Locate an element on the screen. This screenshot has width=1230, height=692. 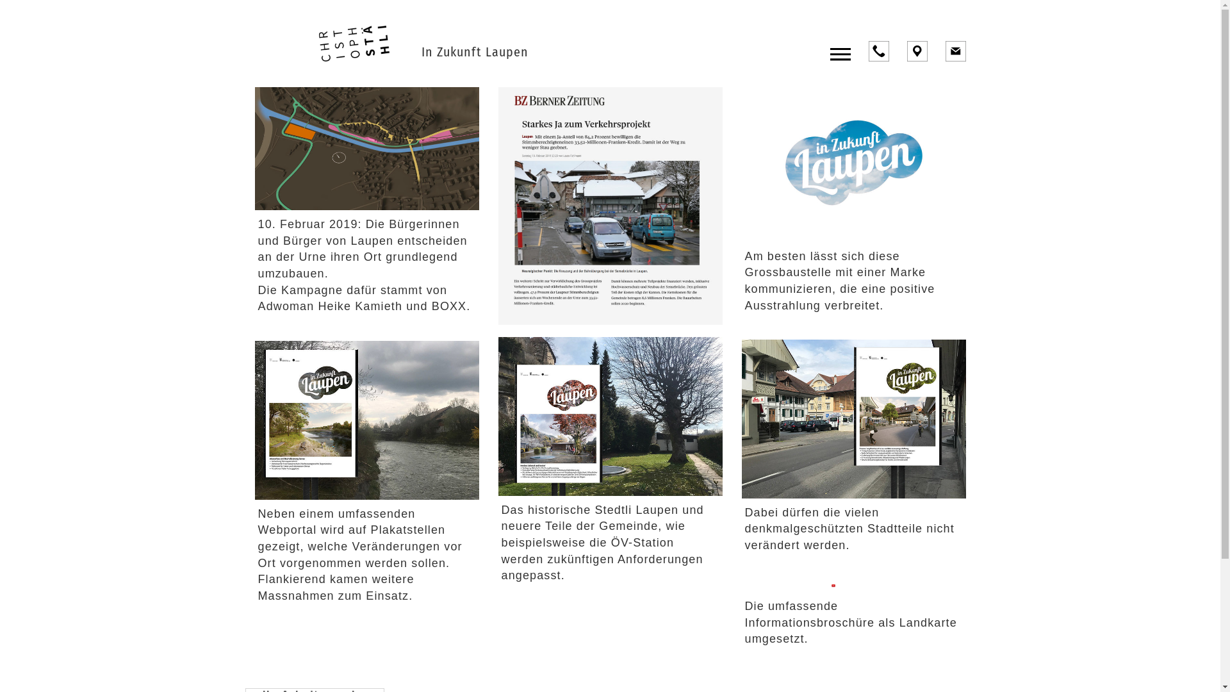
'E-Mail' is located at coordinates (946, 51).